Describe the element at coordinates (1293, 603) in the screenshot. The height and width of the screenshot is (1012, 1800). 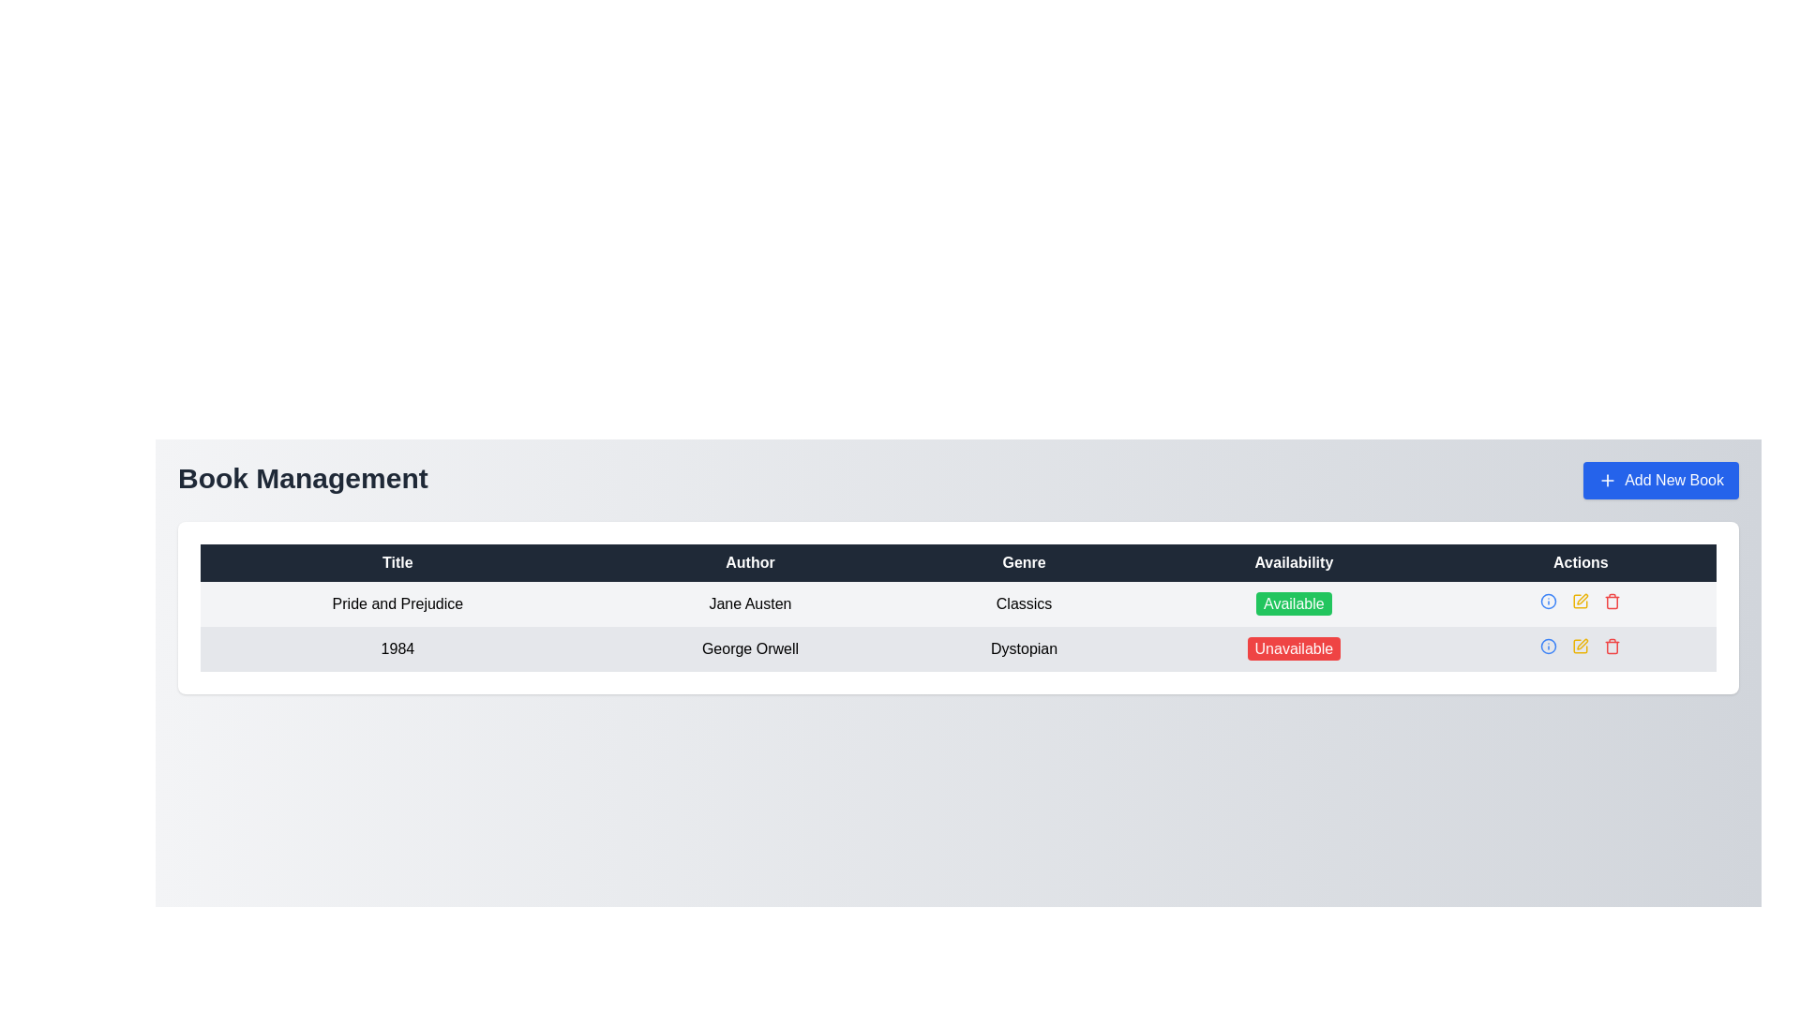
I see `the availability badge for the book 'Pride and Prejudice' to indicate its status` at that location.